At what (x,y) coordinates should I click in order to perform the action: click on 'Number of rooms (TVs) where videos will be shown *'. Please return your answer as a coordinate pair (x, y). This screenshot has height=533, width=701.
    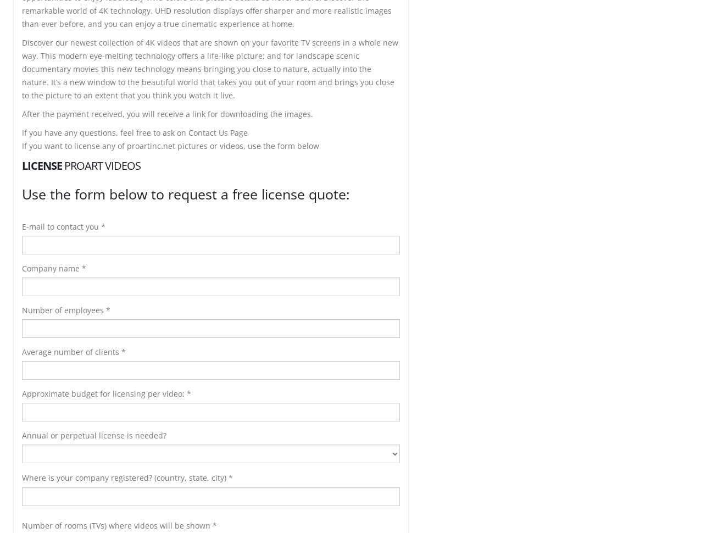
    Looking at the image, I should click on (119, 525).